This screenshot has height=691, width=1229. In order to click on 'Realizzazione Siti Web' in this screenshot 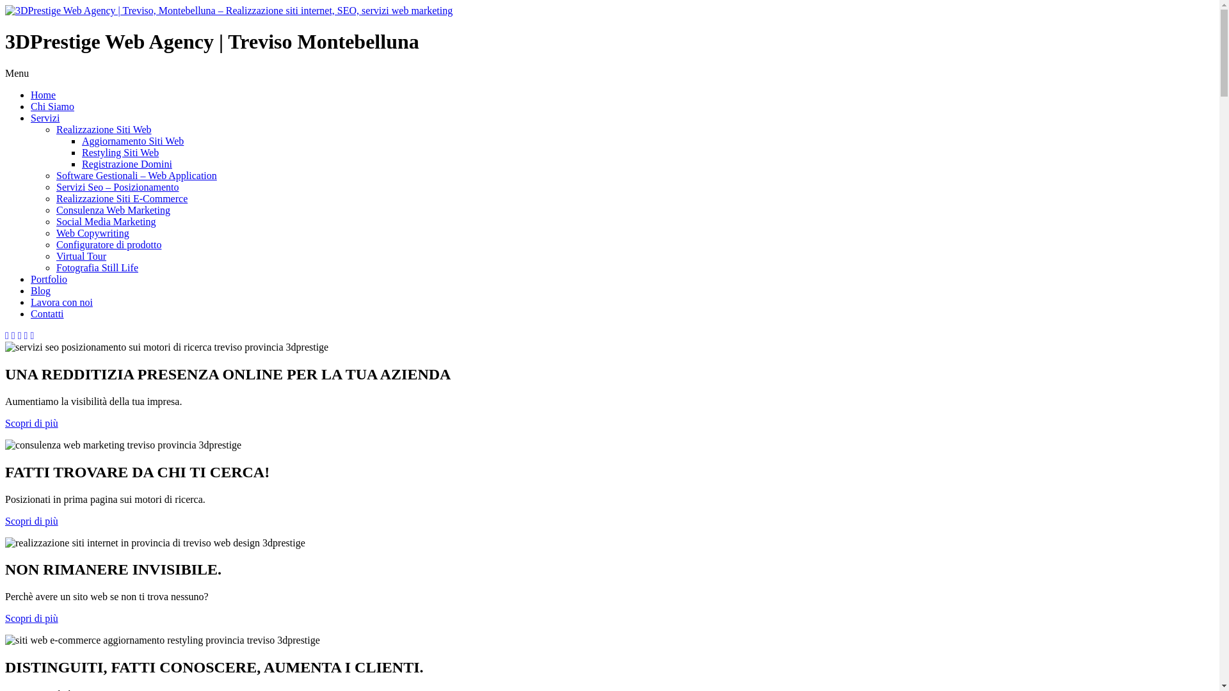, I will do `click(55, 129)`.